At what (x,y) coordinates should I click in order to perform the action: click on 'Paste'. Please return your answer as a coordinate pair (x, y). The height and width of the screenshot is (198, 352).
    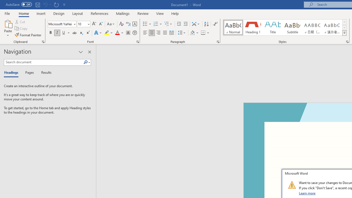
    Looking at the image, I should click on (8, 28).